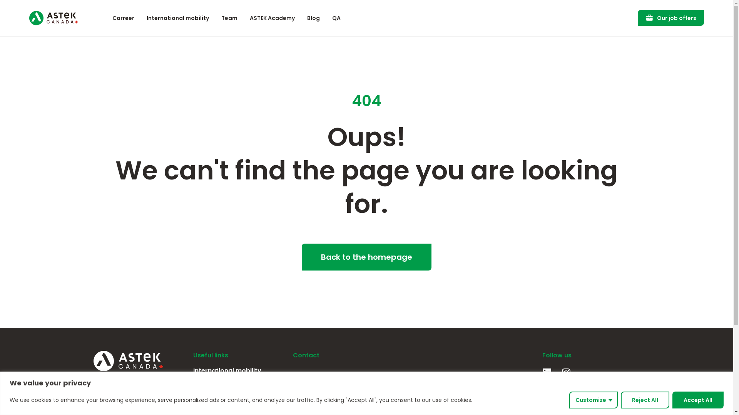  Describe the element at coordinates (301, 257) in the screenshot. I see `'Back to the homepage'` at that location.